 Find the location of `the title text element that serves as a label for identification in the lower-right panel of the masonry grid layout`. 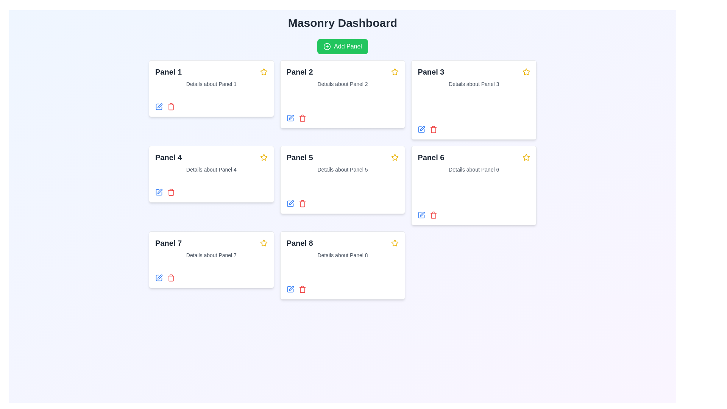

the title text element that serves as a label for identification in the lower-right panel of the masonry grid layout is located at coordinates (299, 243).